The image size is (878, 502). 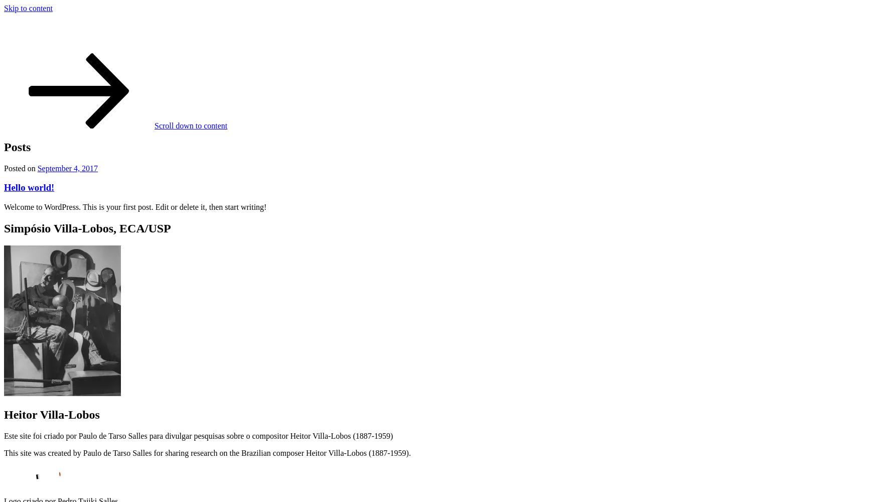 What do you see at coordinates (86, 228) in the screenshot?
I see `'Simpósio Villa-Lobos, ECA/USP'` at bounding box center [86, 228].